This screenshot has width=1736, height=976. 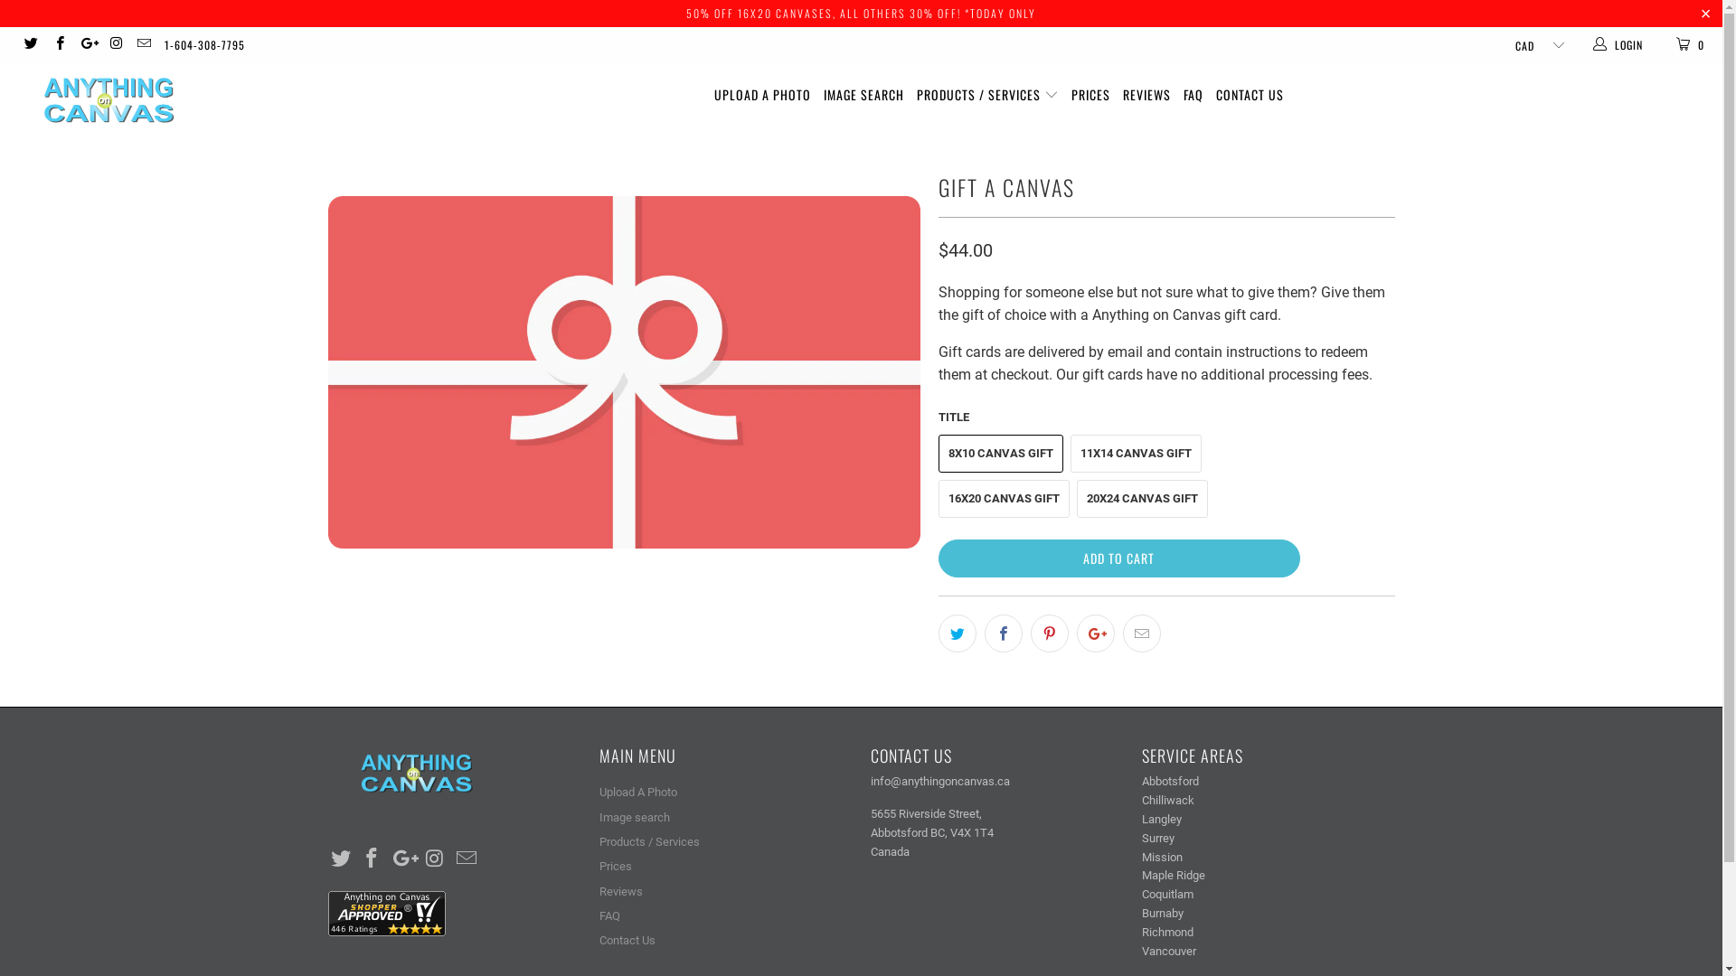 What do you see at coordinates (863, 95) in the screenshot?
I see `'IMAGE SEARCH'` at bounding box center [863, 95].